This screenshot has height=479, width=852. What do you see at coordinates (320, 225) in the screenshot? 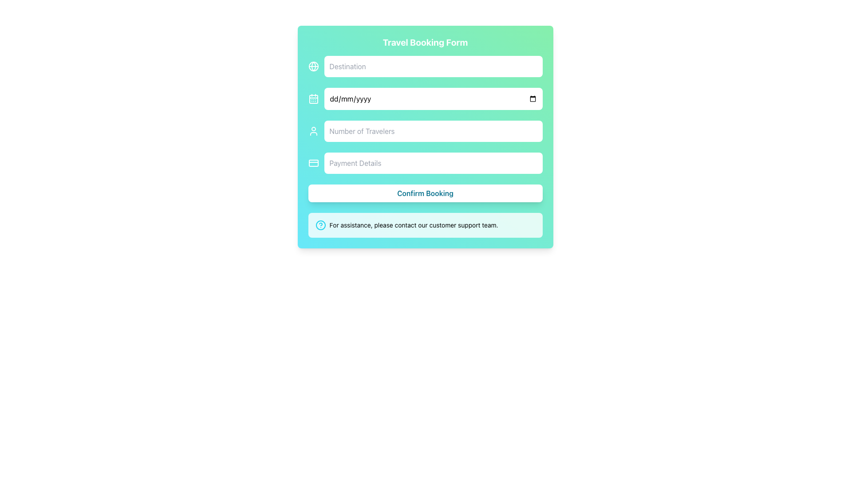
I see `the circular vector graphic icon located at the bottom of the teal panel, adjacent to the assistance text message` at bounding box center [320, 225].